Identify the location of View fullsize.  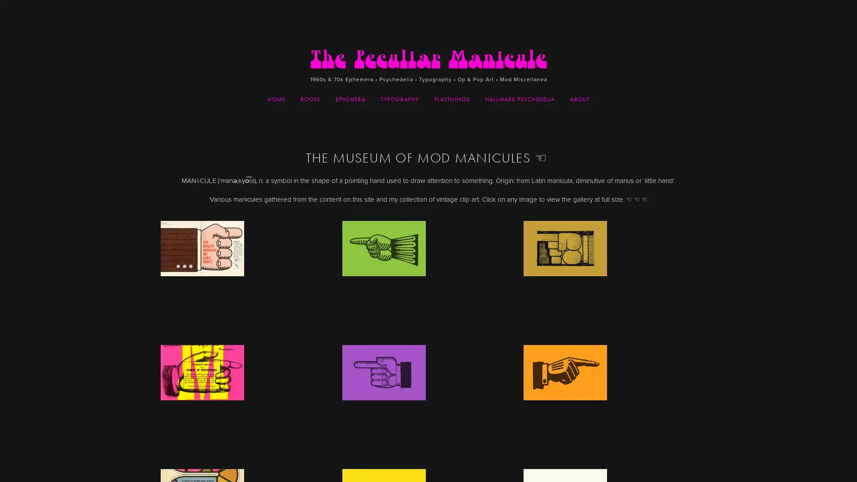
(246, 402).